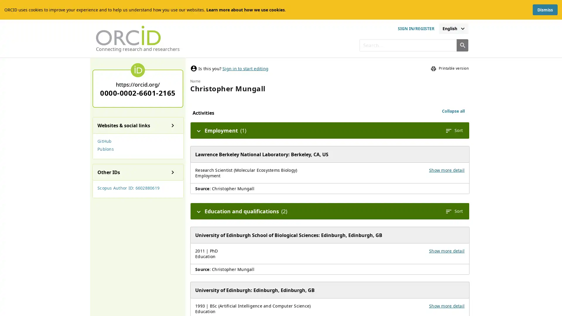  What do you see at coordinates (415, 28) in the screenshot?
I see `sign in or register` at bounding box center [415, 28].